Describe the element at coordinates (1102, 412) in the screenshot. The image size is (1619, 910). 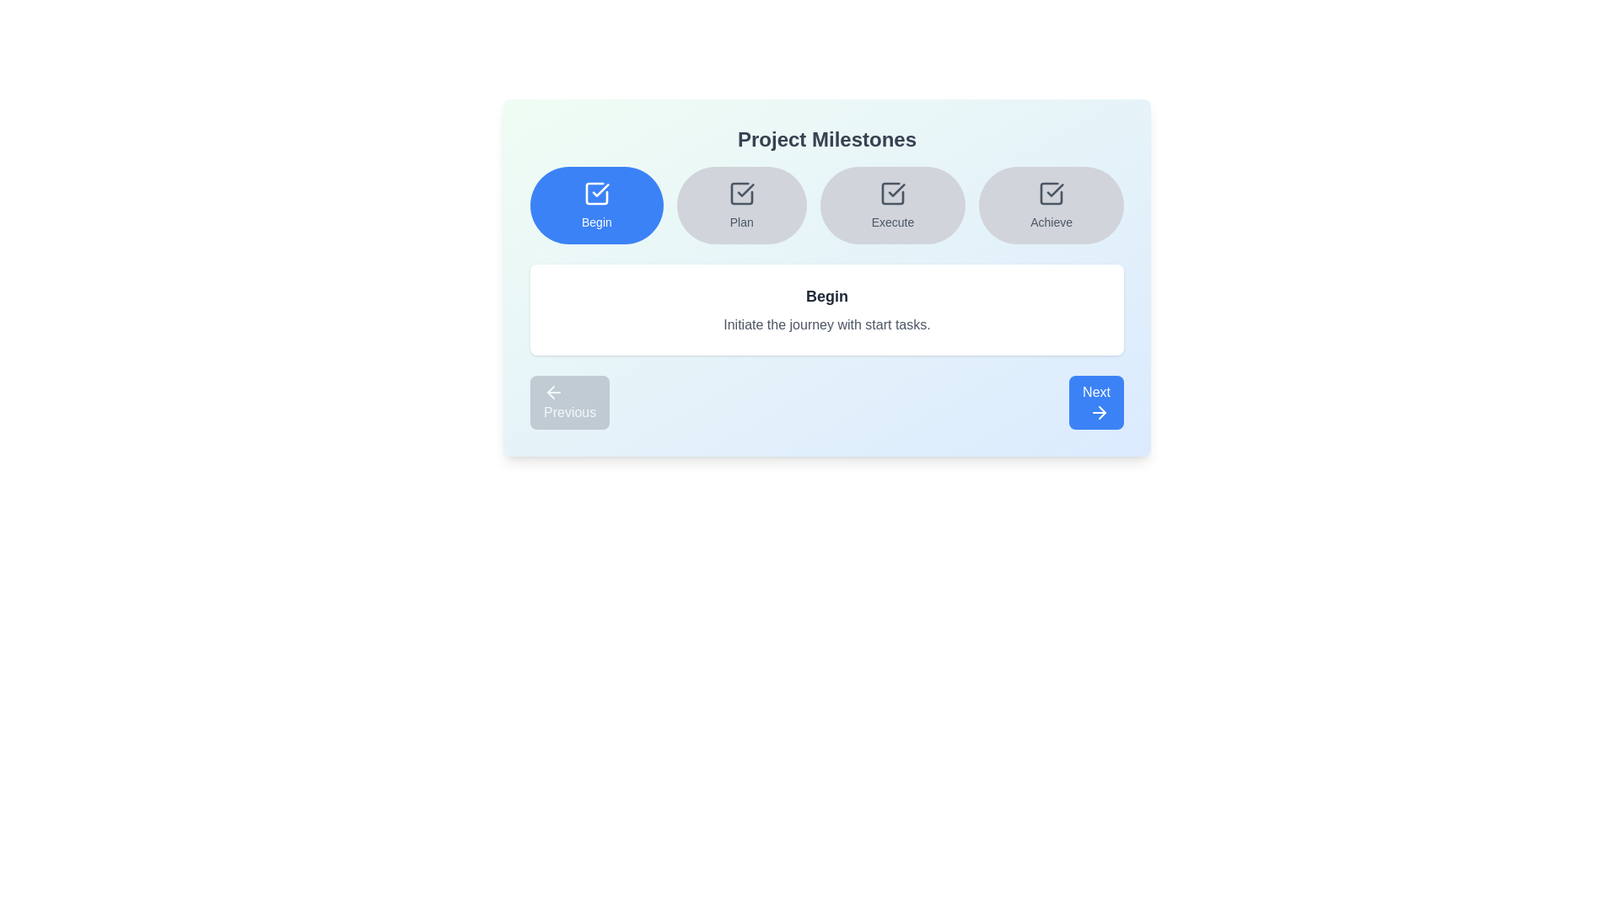
I see `the right-arrow-shaped icon located within the rightmost part of the 'Next' button` at that location.